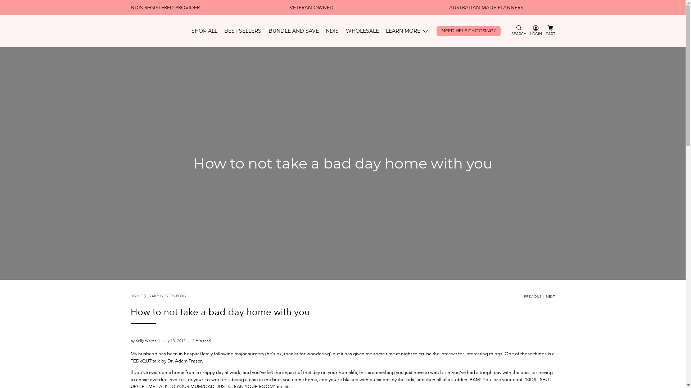  Describe the element at coordinates (550, 31) in the screenshot. I see `'CART'` at that location.